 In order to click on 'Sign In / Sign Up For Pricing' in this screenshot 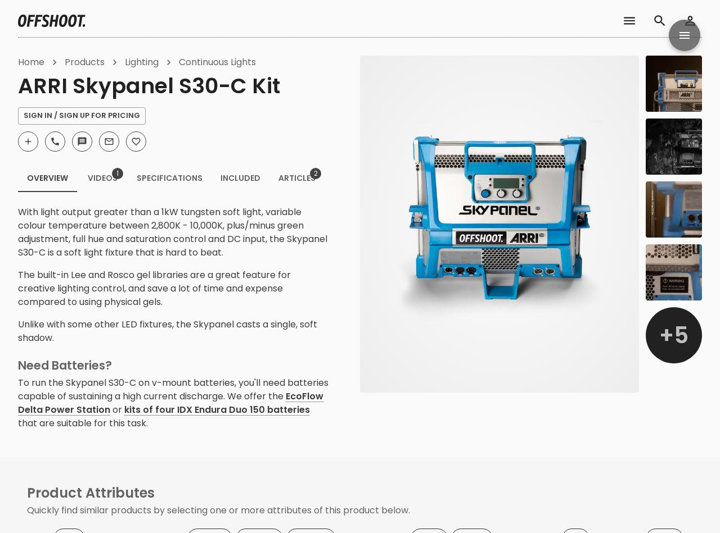, I will do `click(81, 114)`.